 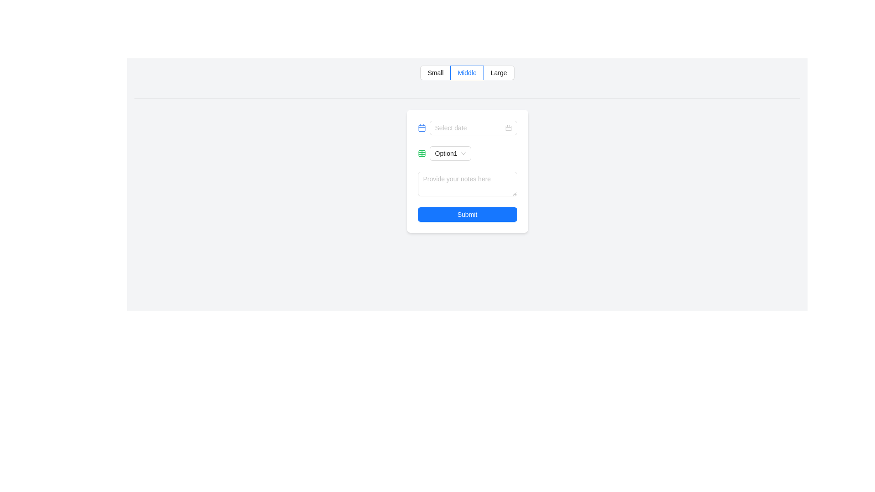 I want to click on the dropdown menu located in the central form towards the right of the calendar, so click(x=450, y=153).